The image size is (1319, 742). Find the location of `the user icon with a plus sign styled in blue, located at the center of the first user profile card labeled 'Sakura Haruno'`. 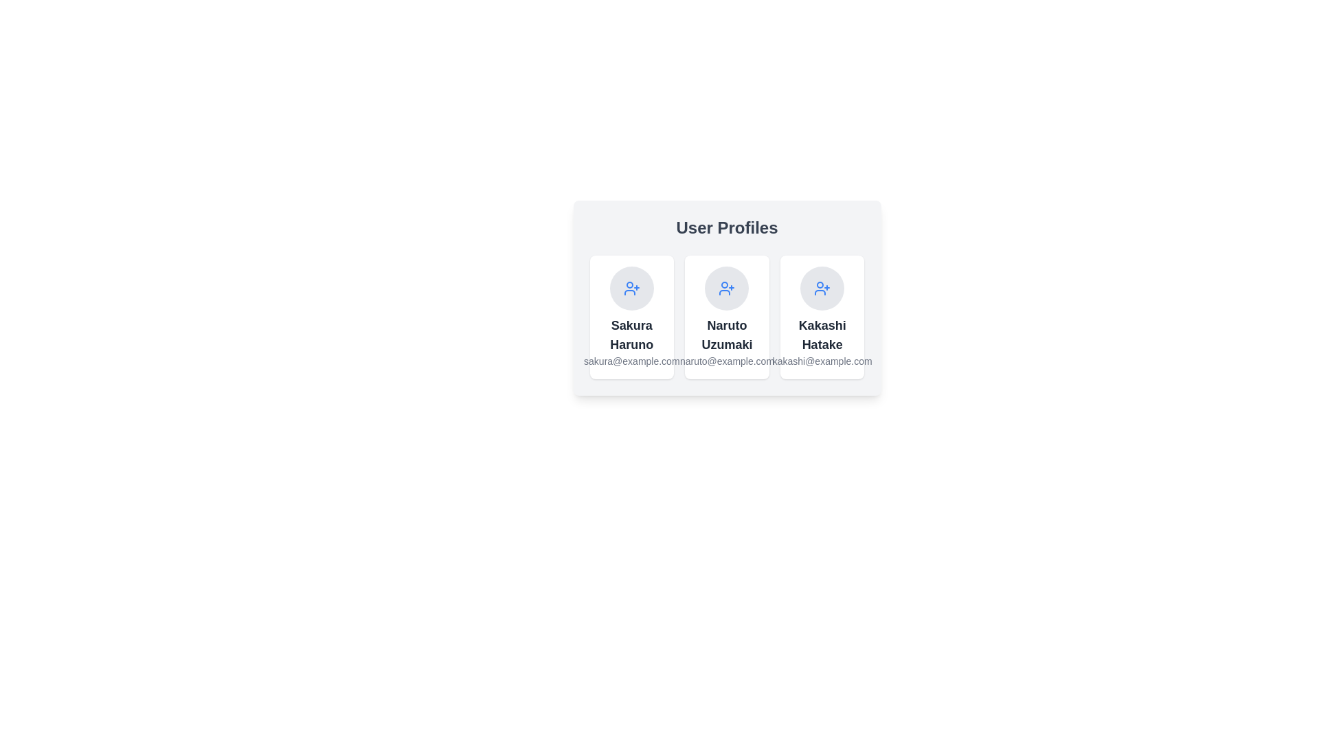

the user icon with a plus sign styled in blue, located at the center of the first user profile card labeled 'Sakura Haruno' is located at coordinates (631, 288).